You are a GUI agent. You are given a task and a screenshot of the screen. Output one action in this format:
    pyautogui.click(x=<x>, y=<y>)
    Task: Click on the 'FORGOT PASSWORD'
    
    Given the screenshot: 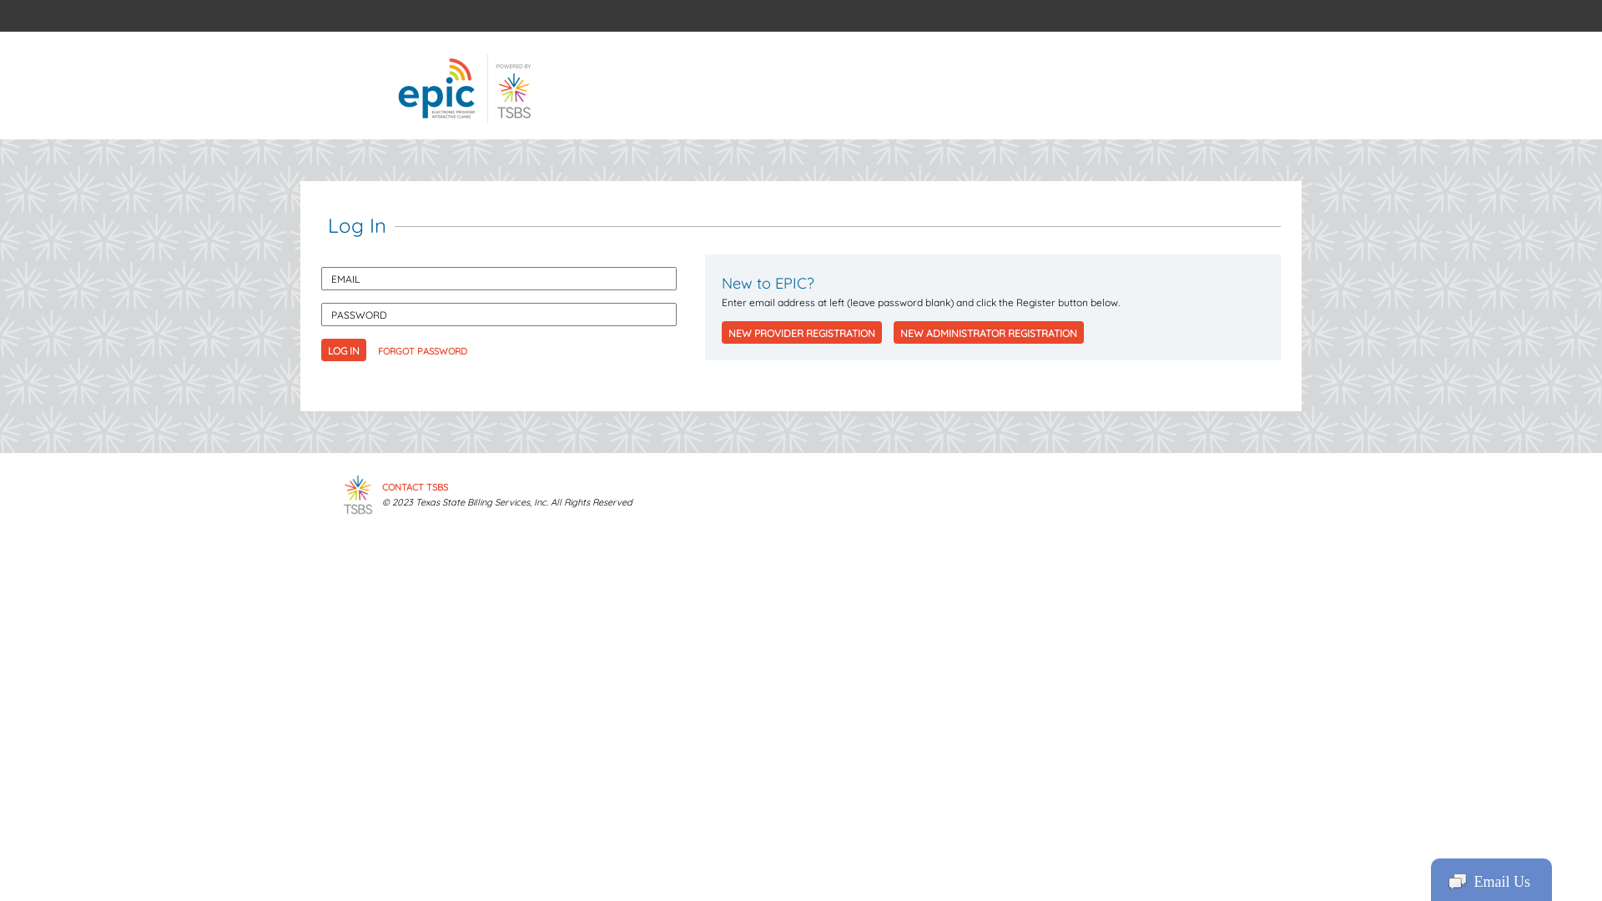 What is the action you would take?
    pyautogui.click(x=422, y=350)
    